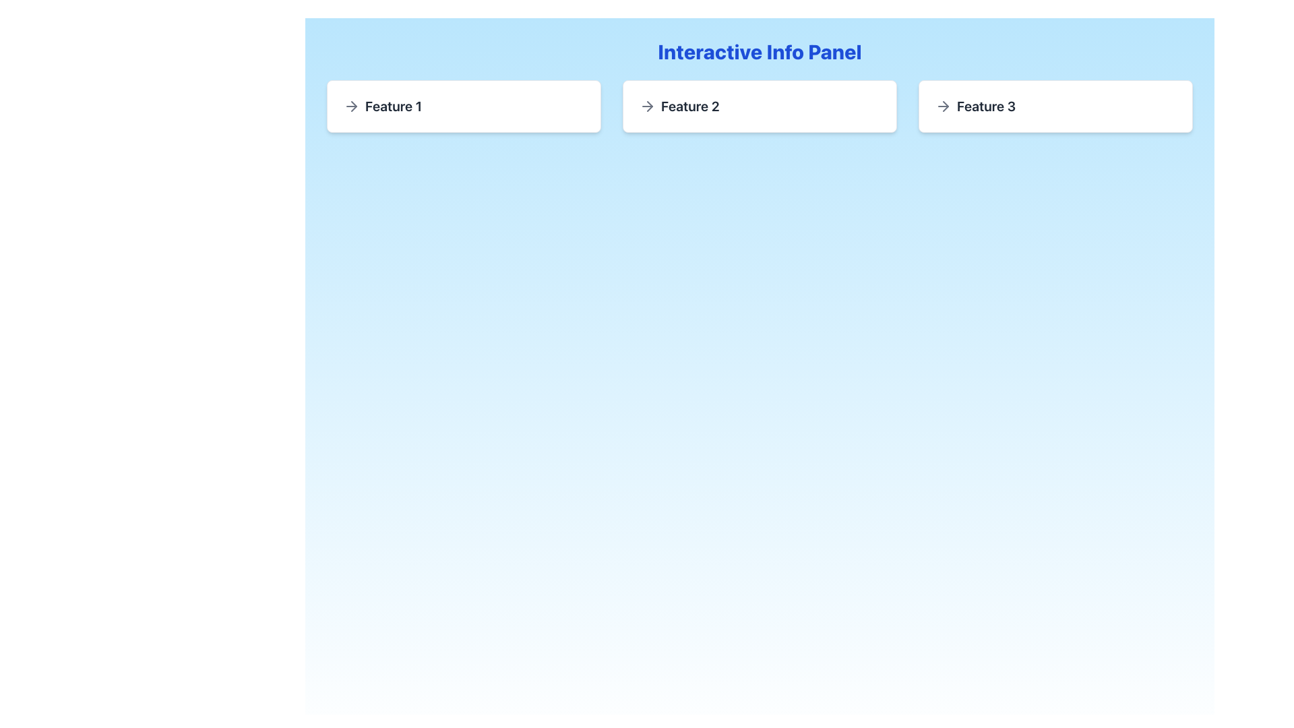 The image size is (1294, 728). I want to click on the second button labeled 'Feature 2', so click(760, 106).